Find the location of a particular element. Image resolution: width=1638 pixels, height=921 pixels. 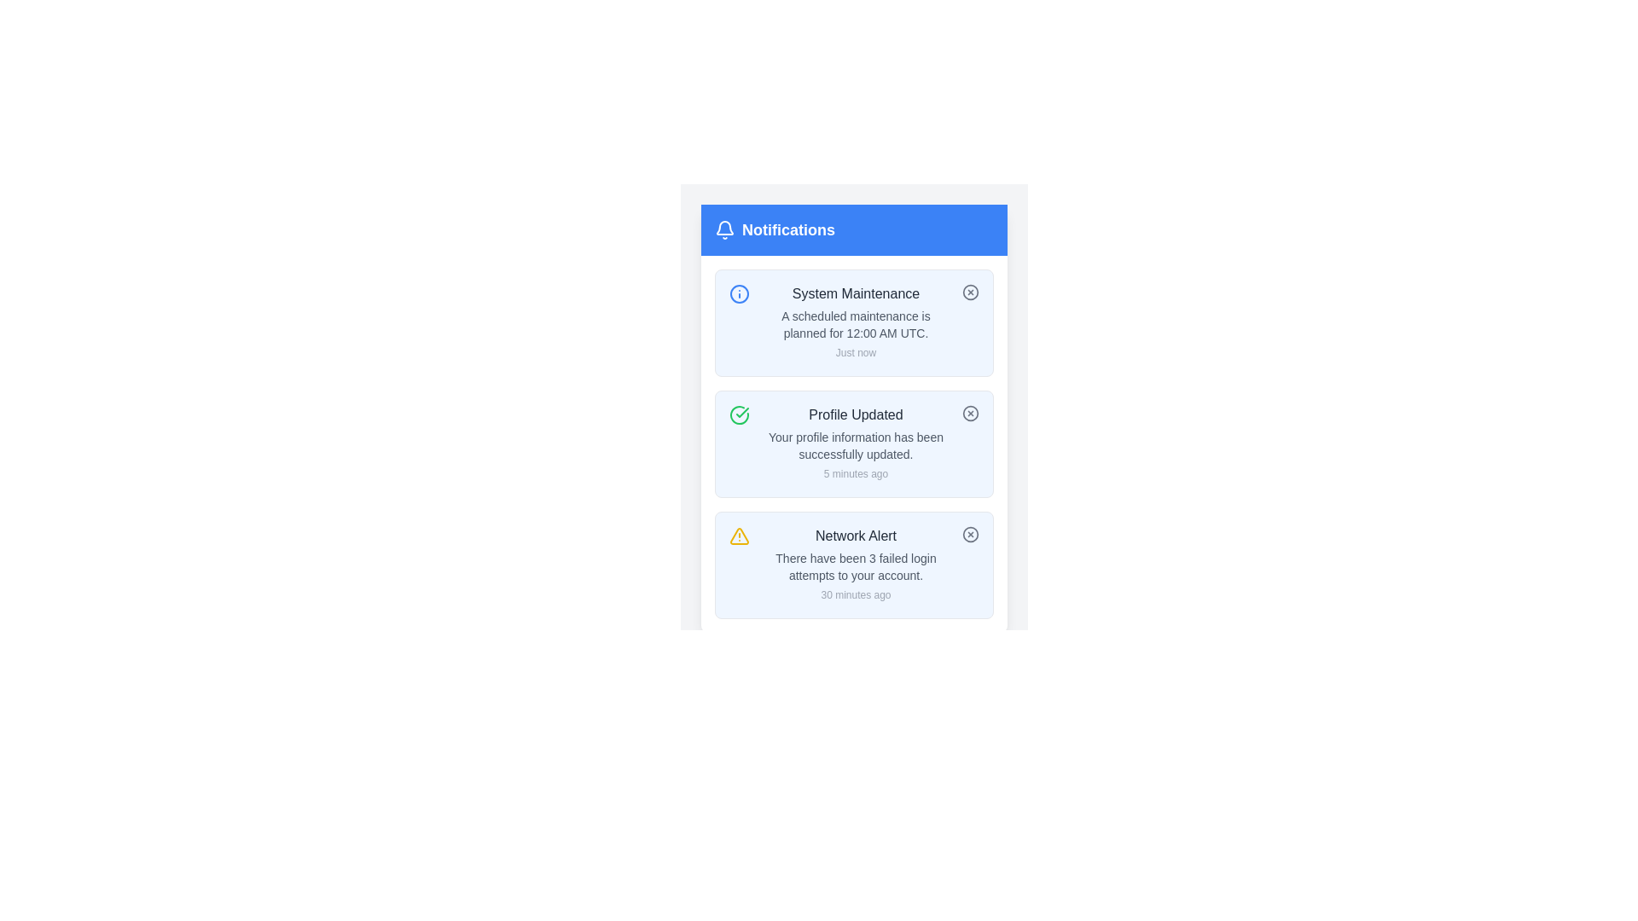

the text element providing details about the 'System Maintenance' notification, which is located directly below the 'System Maintenance' heading in the notification card is located at coordinates (856, 325).